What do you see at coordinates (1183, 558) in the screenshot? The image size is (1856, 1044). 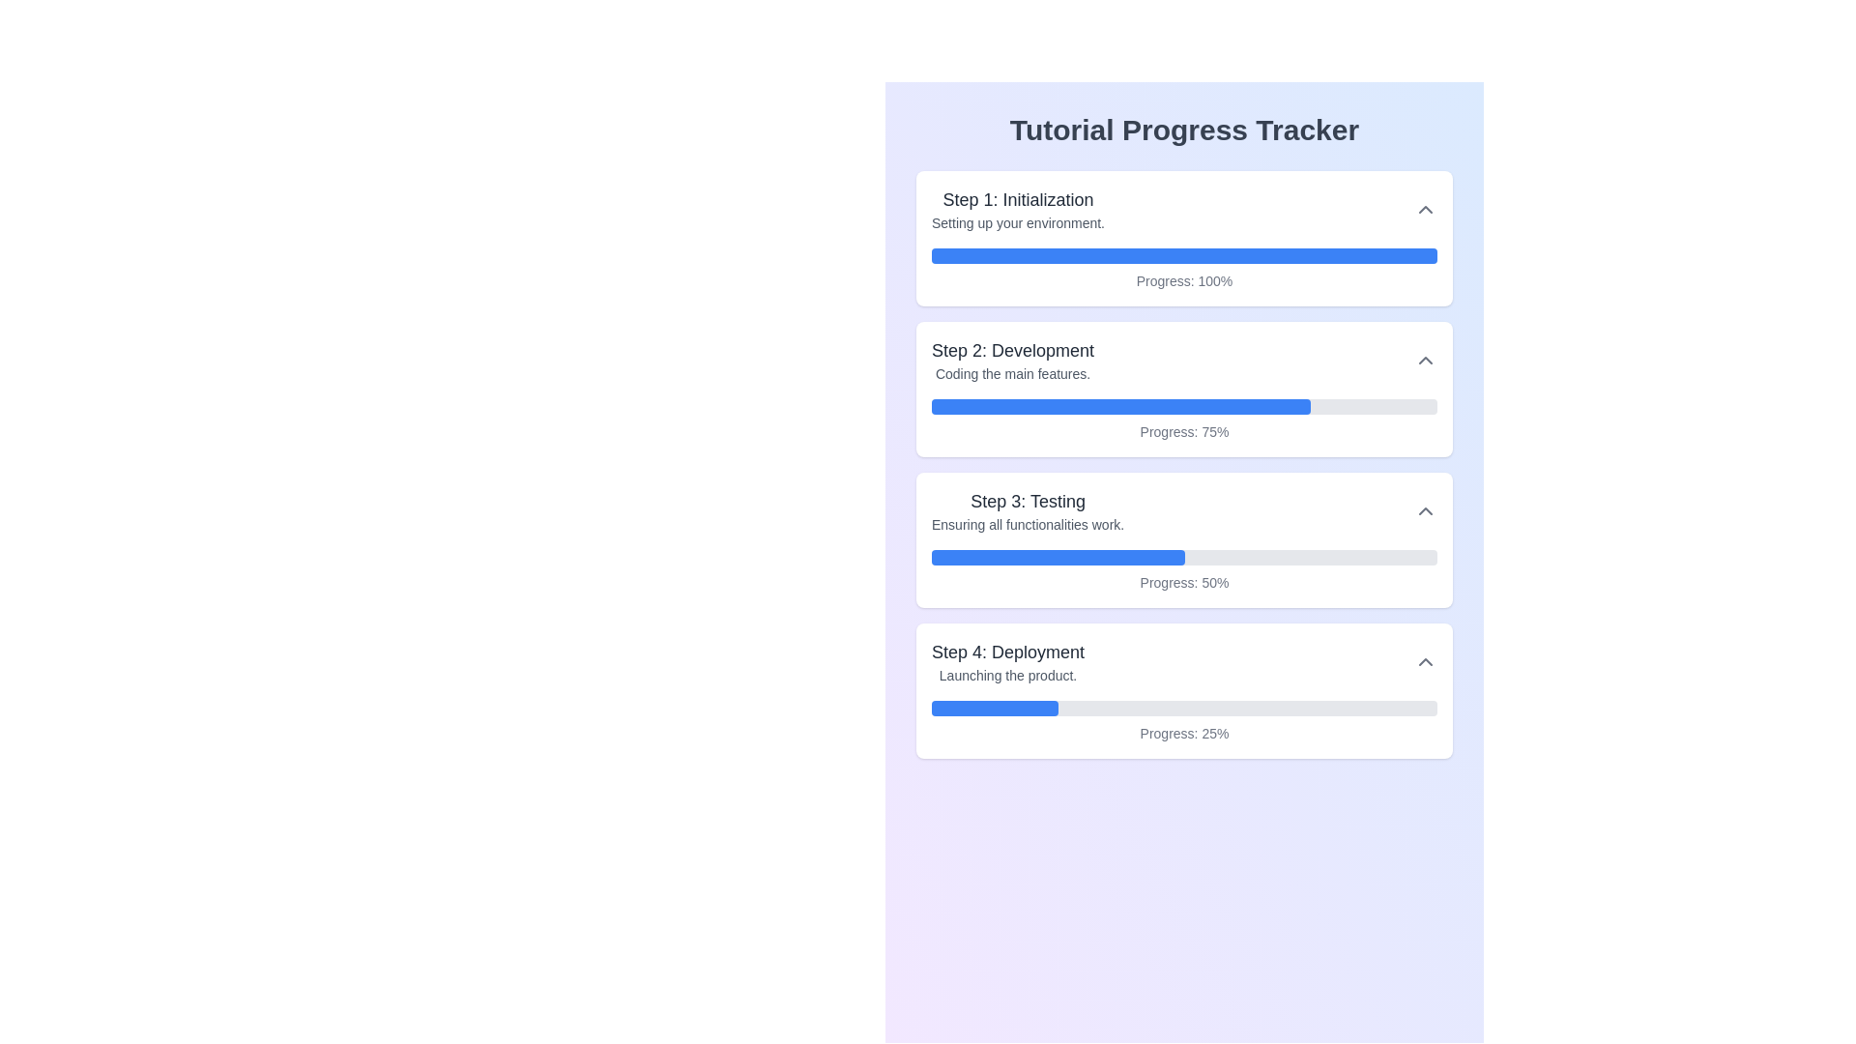 I see `the progress bar indicating 'Step 3: Testing' which visually represents 50% completion` at bounding box center [1183, 558].